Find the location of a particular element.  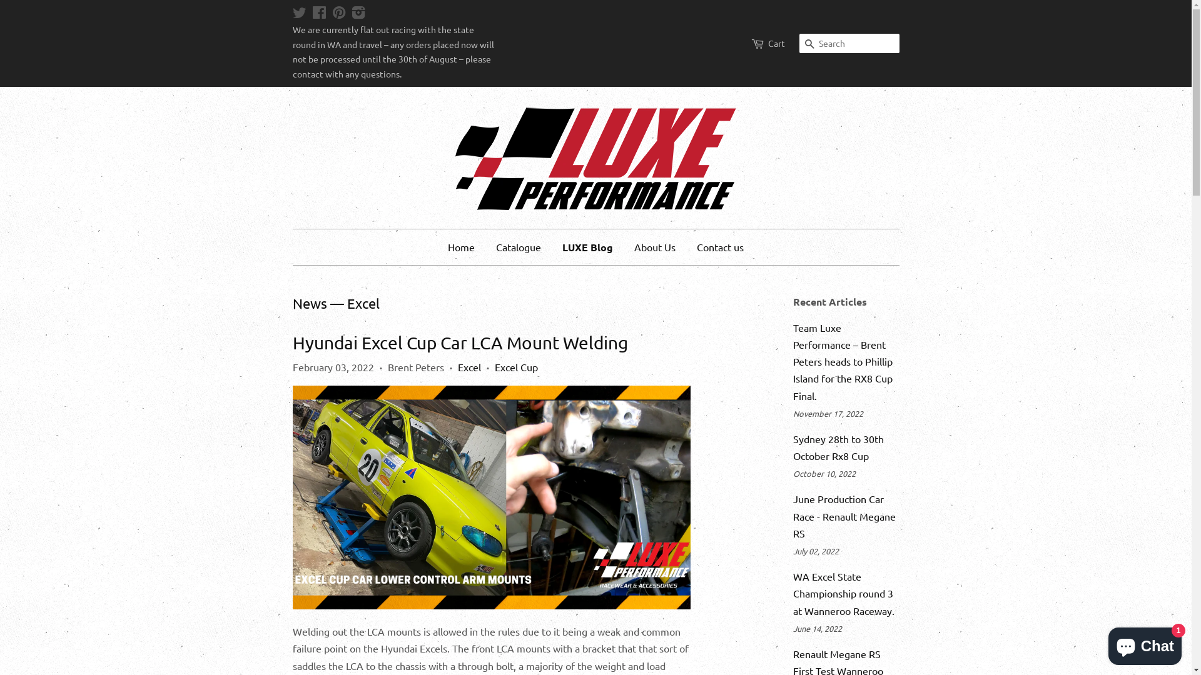

'Search' is located at coordinates (798, 43).